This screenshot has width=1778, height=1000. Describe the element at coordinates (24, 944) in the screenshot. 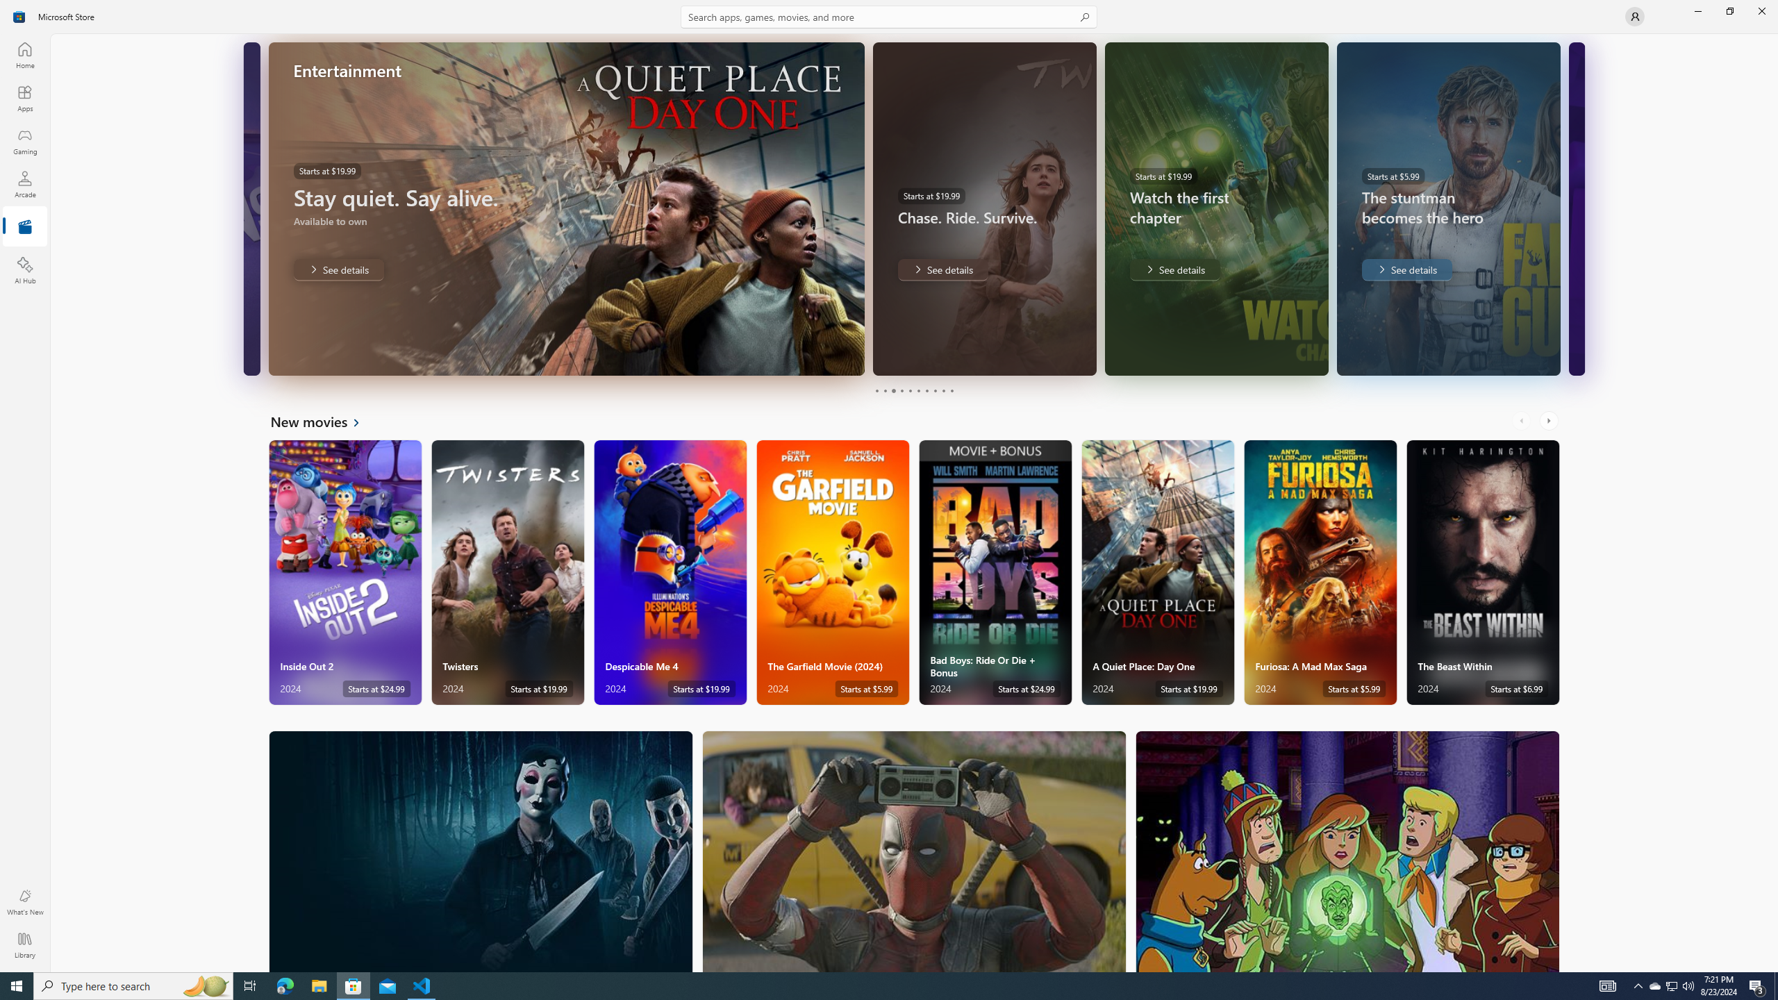

I see `'Library'` at that location.